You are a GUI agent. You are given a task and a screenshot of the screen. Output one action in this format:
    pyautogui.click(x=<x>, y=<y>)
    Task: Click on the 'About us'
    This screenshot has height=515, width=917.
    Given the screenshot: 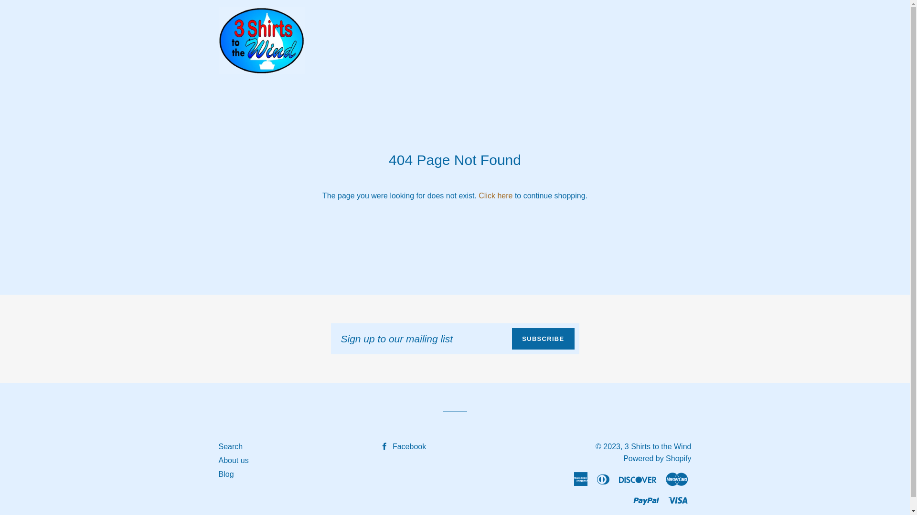 What is the action you would take?
    pyautogui.click(x=218, y=460)
    